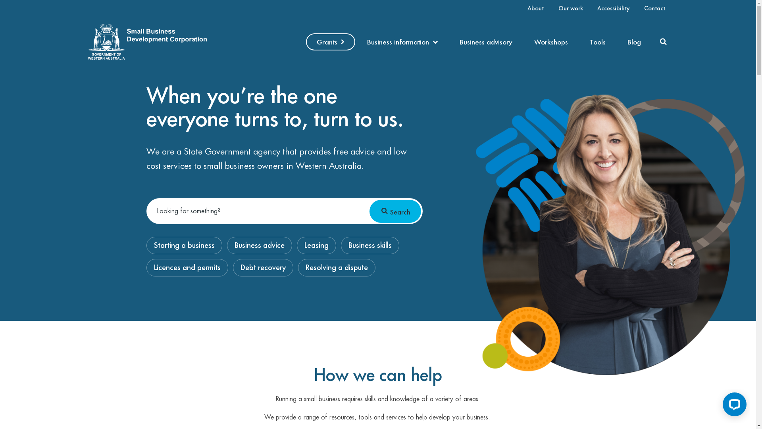 The width and height of the screenshot is (762, 429). I want to click on 'Debt recovery', so click(263, 268).